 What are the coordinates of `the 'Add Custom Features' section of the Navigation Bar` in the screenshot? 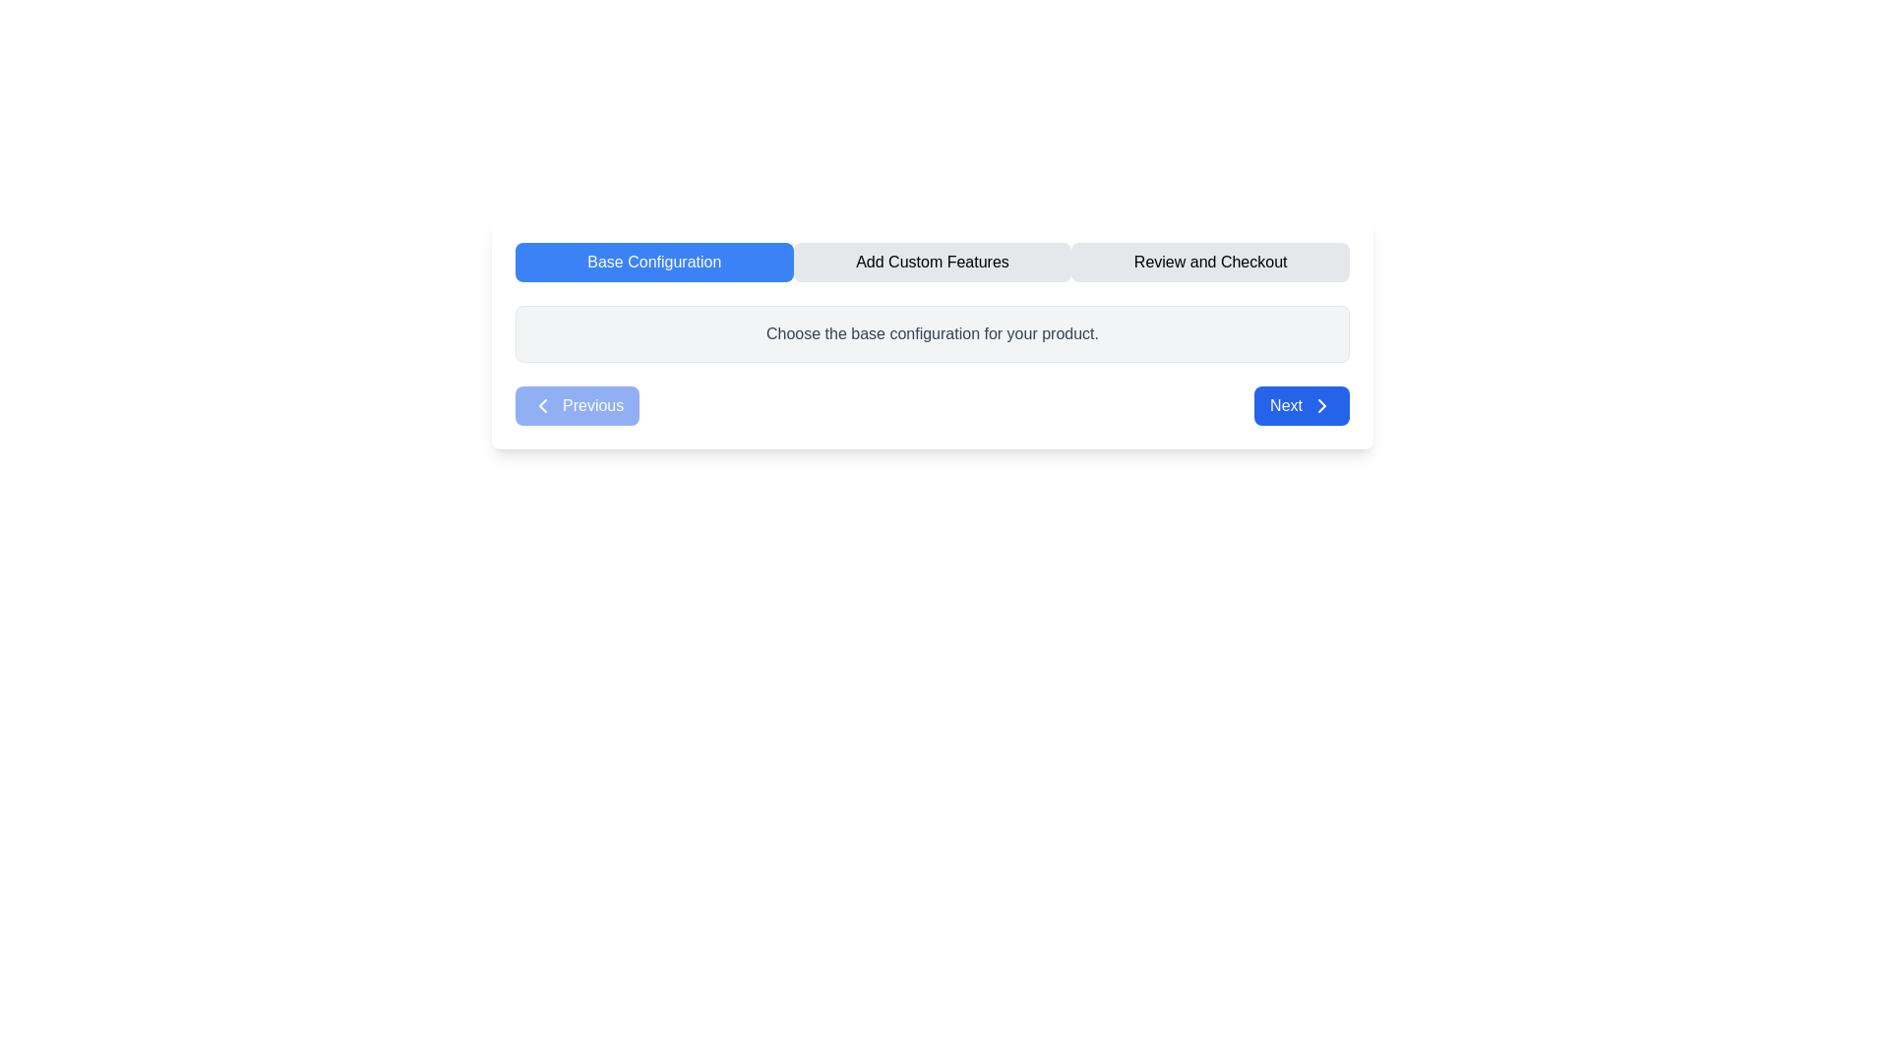 It's located at (932, 261).